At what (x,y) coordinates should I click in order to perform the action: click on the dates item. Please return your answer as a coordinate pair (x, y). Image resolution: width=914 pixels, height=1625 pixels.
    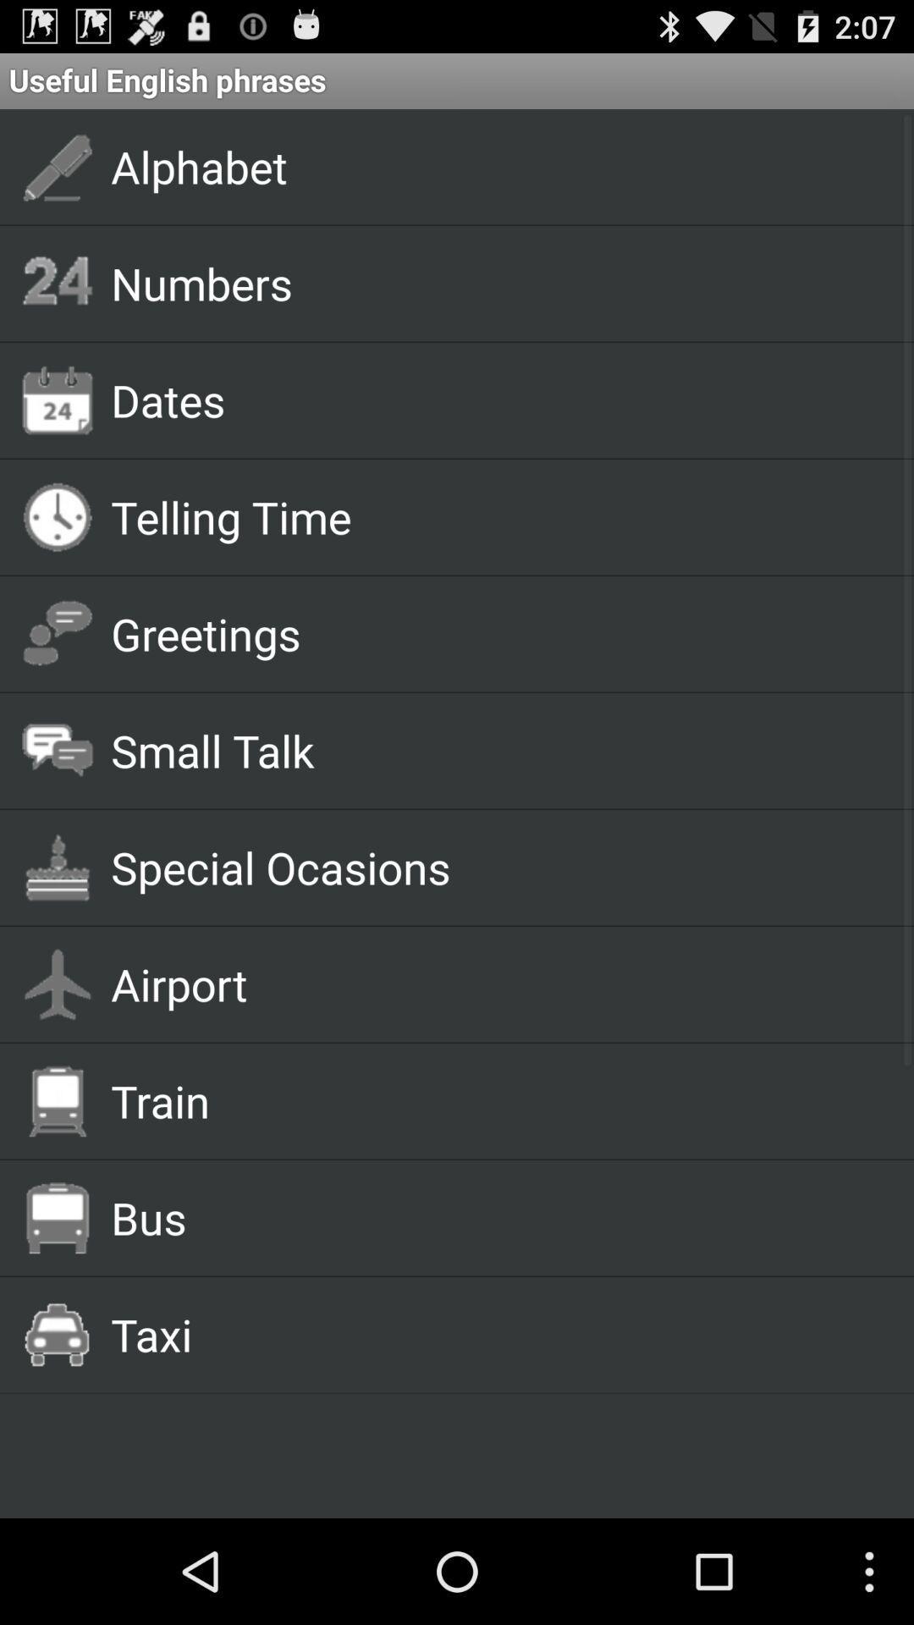
    Looking at the image, I should click on (493, 399).